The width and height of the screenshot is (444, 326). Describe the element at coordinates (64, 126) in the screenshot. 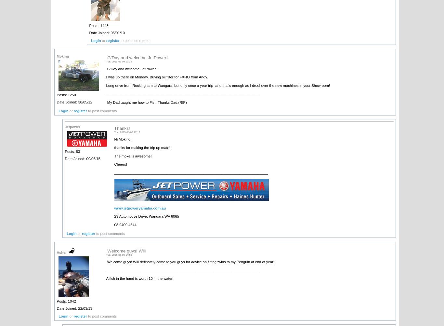

I see `'Jetpower'` at that location.